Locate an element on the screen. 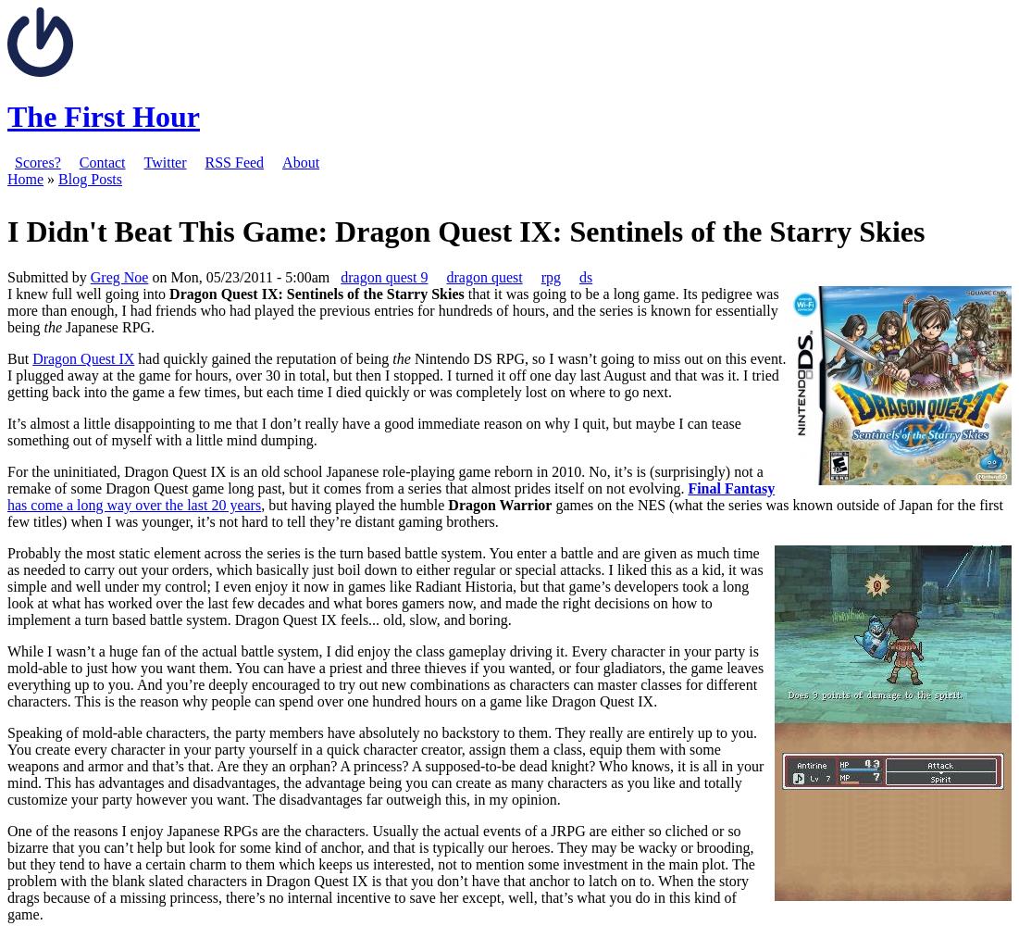 The height and width of the screenshot is (926, 1019). 'Dragon Warrior' is located at coordinates (499, 504).